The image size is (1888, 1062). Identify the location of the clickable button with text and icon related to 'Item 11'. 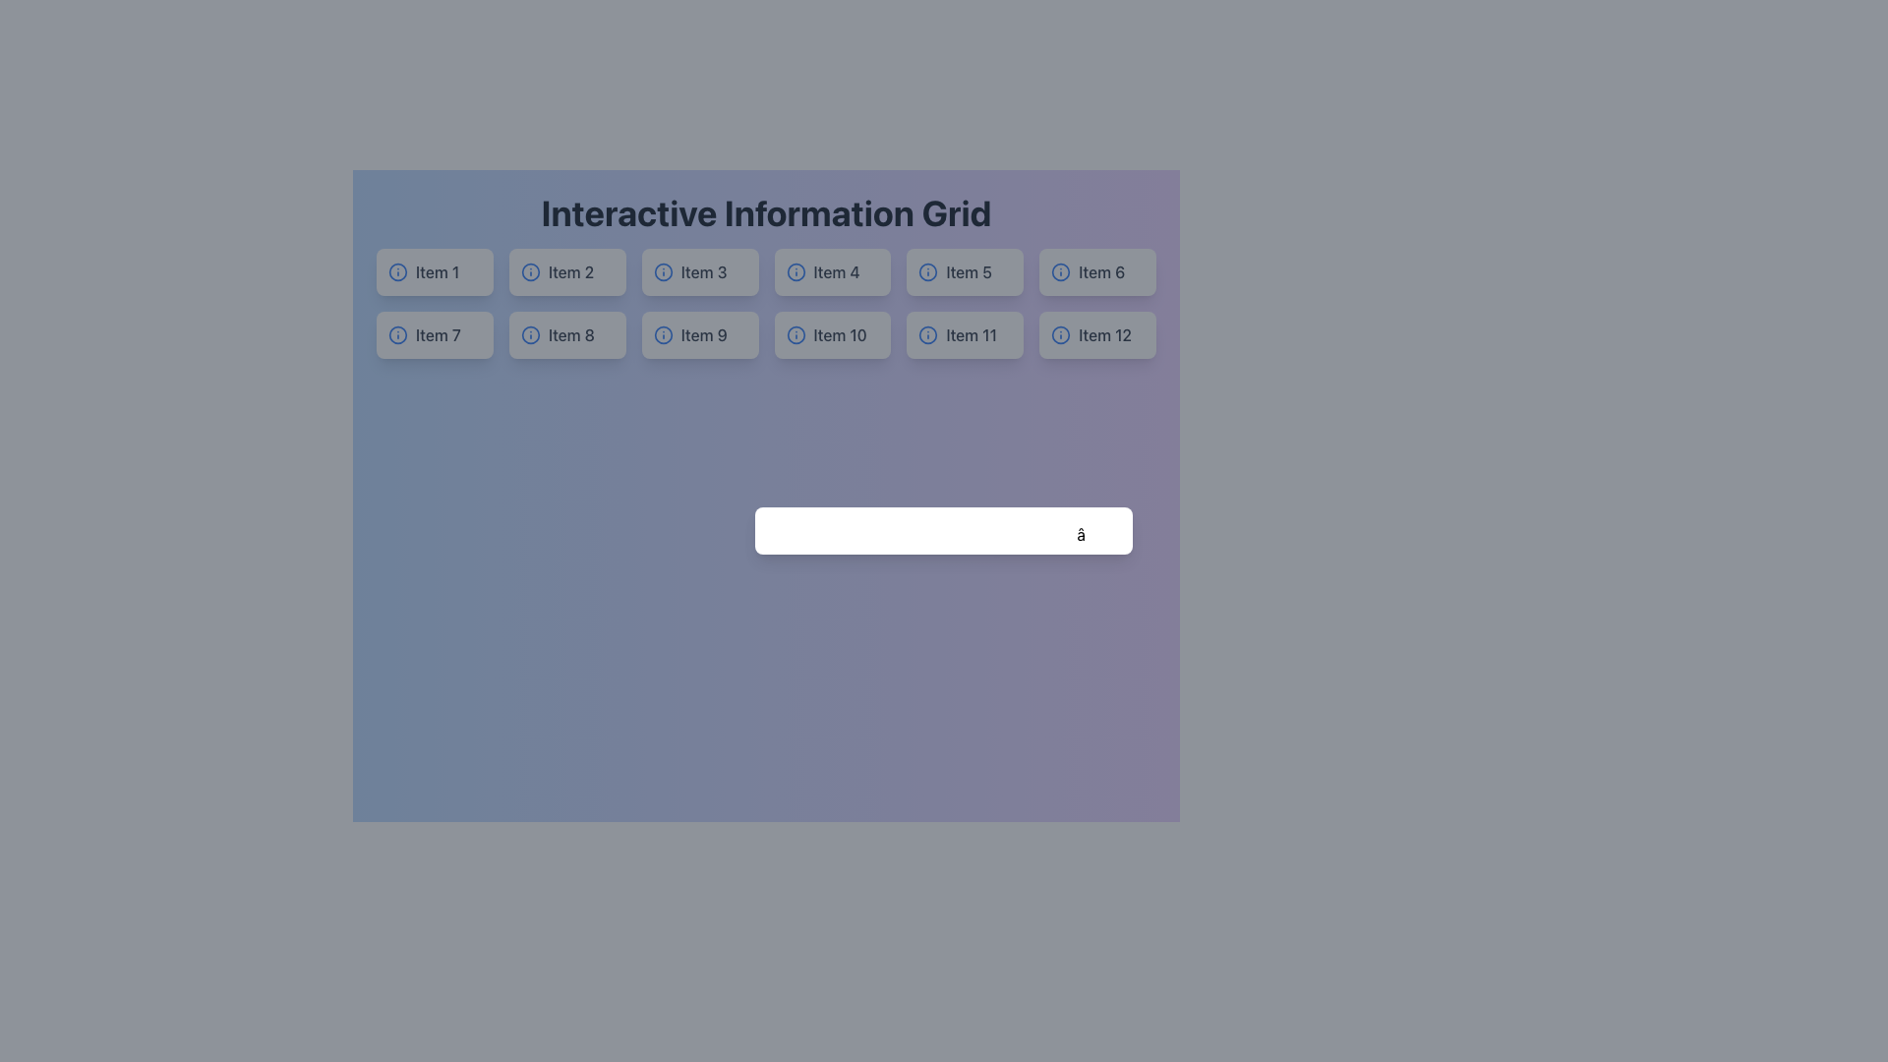
(965, 333).